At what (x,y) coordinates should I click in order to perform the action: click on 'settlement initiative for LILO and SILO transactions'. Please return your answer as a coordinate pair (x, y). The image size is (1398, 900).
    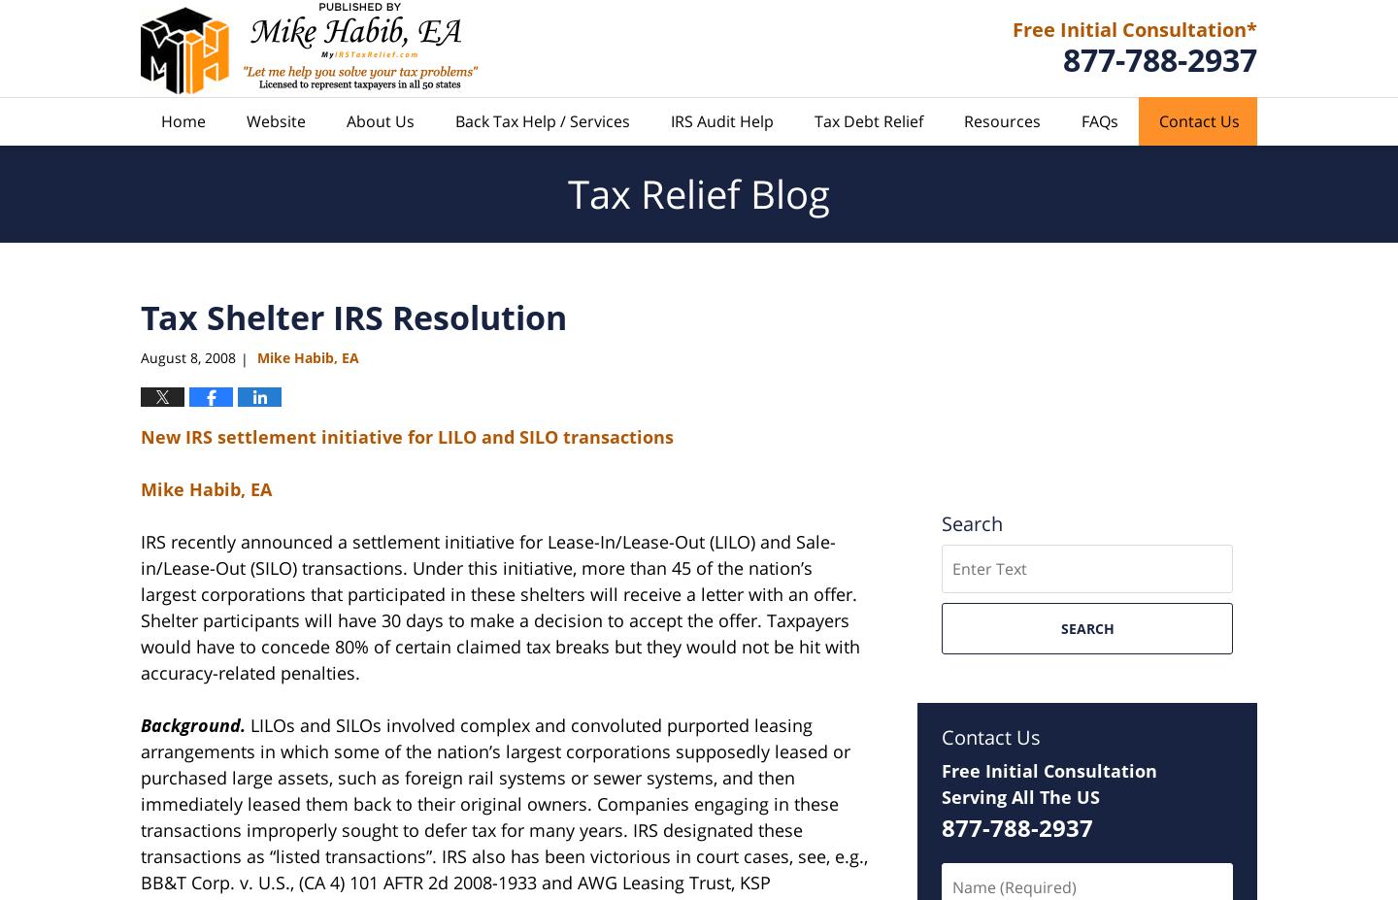
    Looking at the image, I should click on (445, 435).